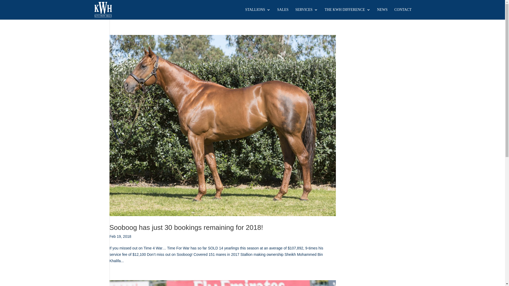  Describe the element at coordinates (403, 13) in the screenshot. I see `'CONTACT'` at that location.